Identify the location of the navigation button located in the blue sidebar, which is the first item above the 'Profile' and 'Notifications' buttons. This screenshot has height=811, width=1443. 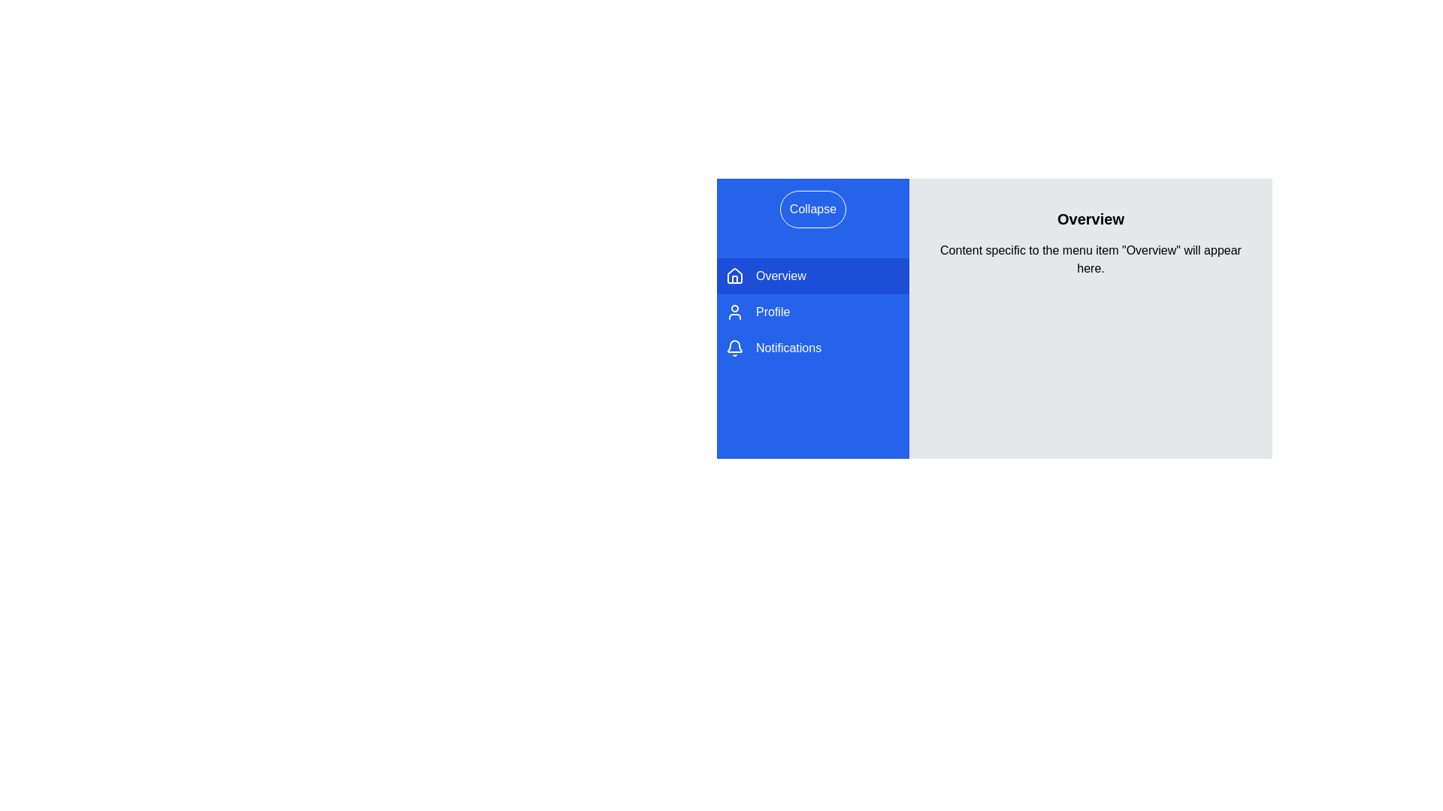
(812, 276).